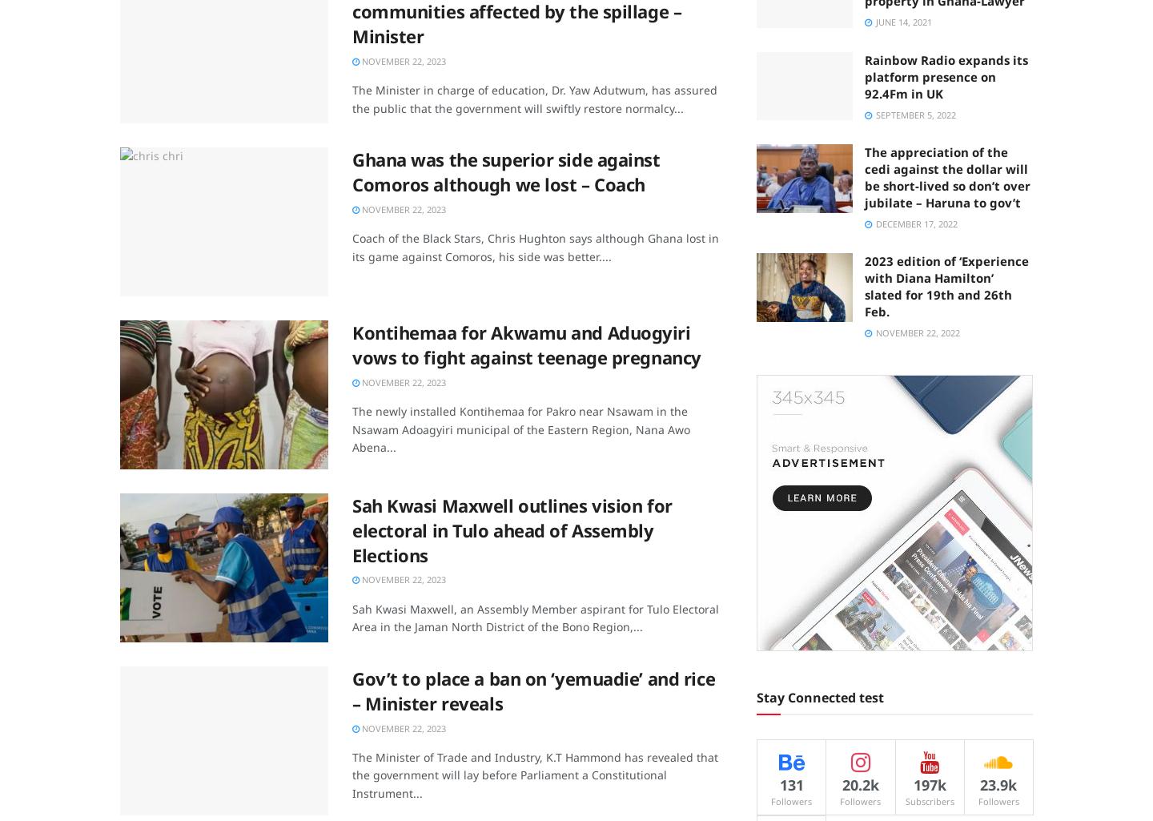  Describe the element at coordinates (352, 428) in the screenshot. I see `'The newly installed Kontihemaa for Pakro near Nsawam in the Nsawam Adoagyiri municipal of the Eastern Region, Nana Awo Abena...'` at that location.